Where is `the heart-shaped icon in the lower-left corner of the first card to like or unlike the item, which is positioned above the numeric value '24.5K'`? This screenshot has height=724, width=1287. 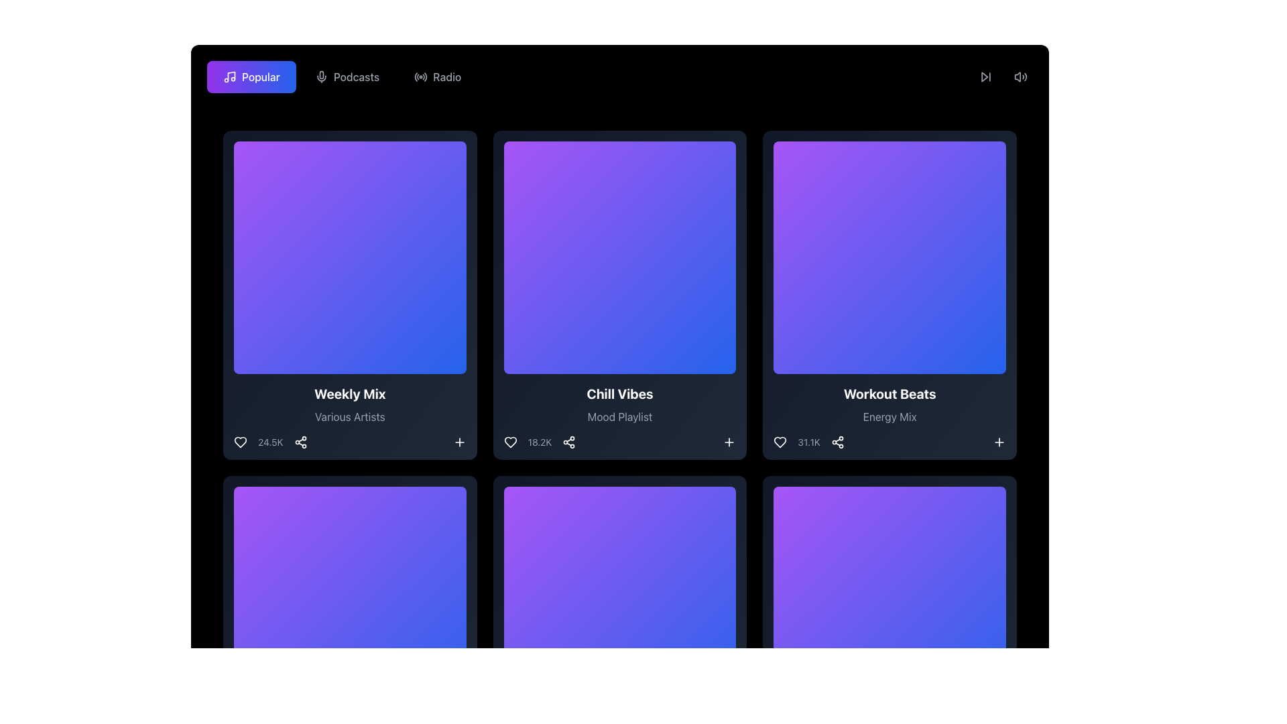
the heart-shaped icon in the lower-left corner of the first card to like or unlike the item, which is positioned above the numeric value '24.5K' is located at coordinates (241, 442).